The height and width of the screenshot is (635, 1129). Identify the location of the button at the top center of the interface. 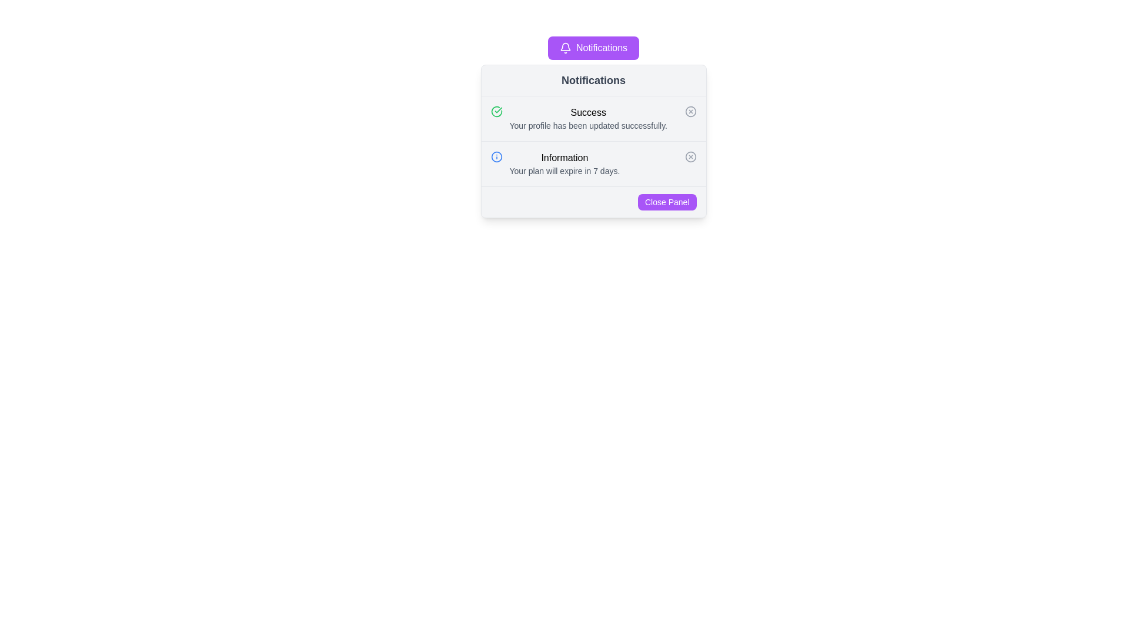
(593, 47).